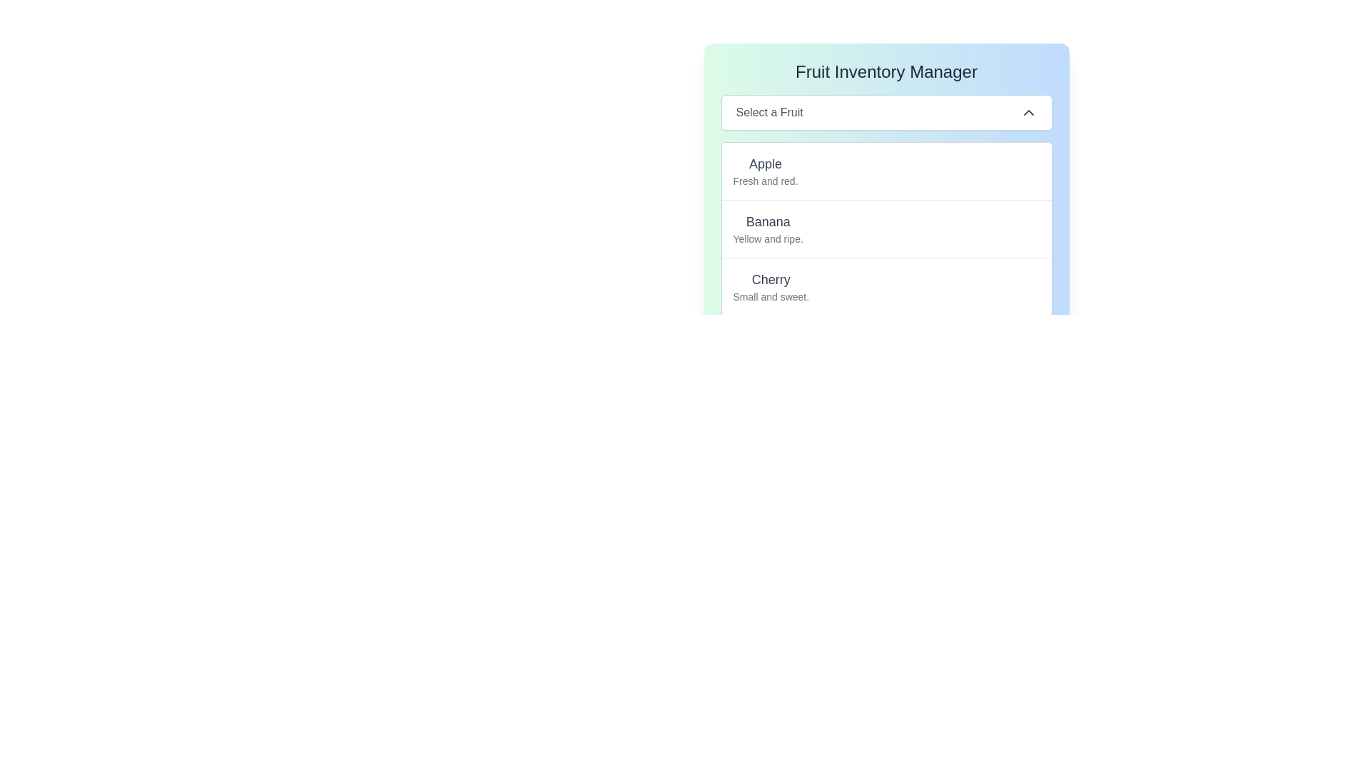 This screenshot has height=771, width=1370. What do you see at coordinates (770, 296) in the screenshot?
I see `the non-interactive descriptive text label that provides additional information about the list item 'Cherry', which is positioned below the 'Cherry' text label in the dropdown component` at bounding box center [770, 296].